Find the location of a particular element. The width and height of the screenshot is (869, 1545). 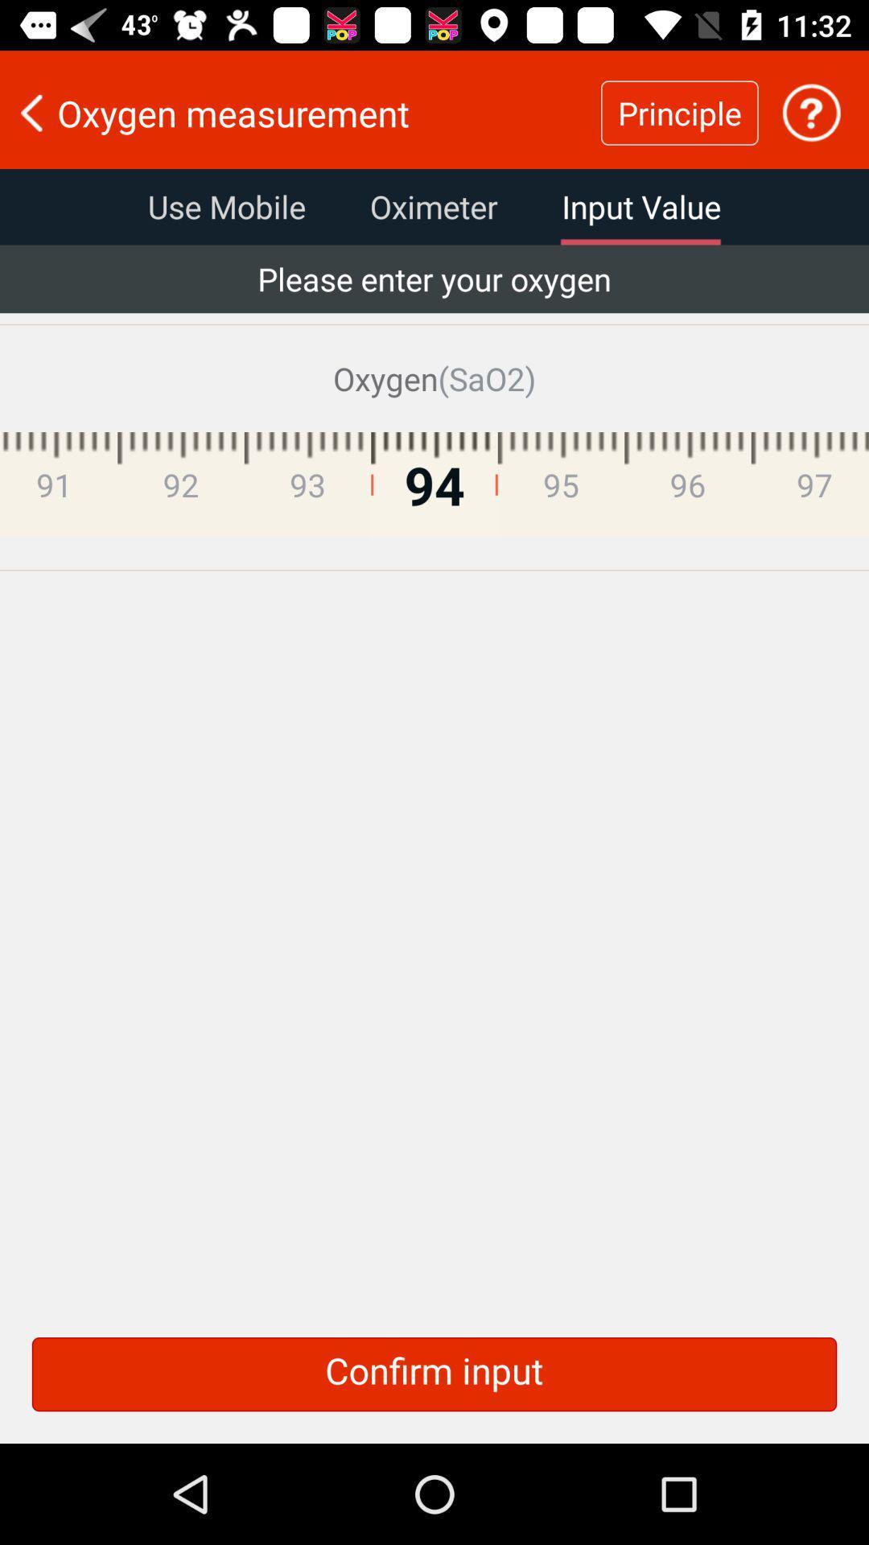

more information is located at coordinates (811, 112).